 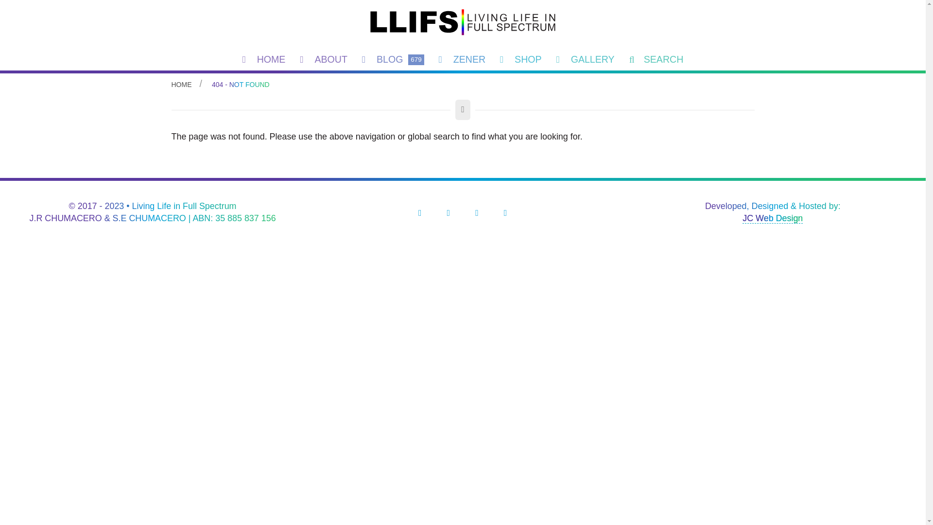 What do you see at coordinates (549, 59) in the screenshot?
I see `'GALLERY'` at bounding box center [549, 59].